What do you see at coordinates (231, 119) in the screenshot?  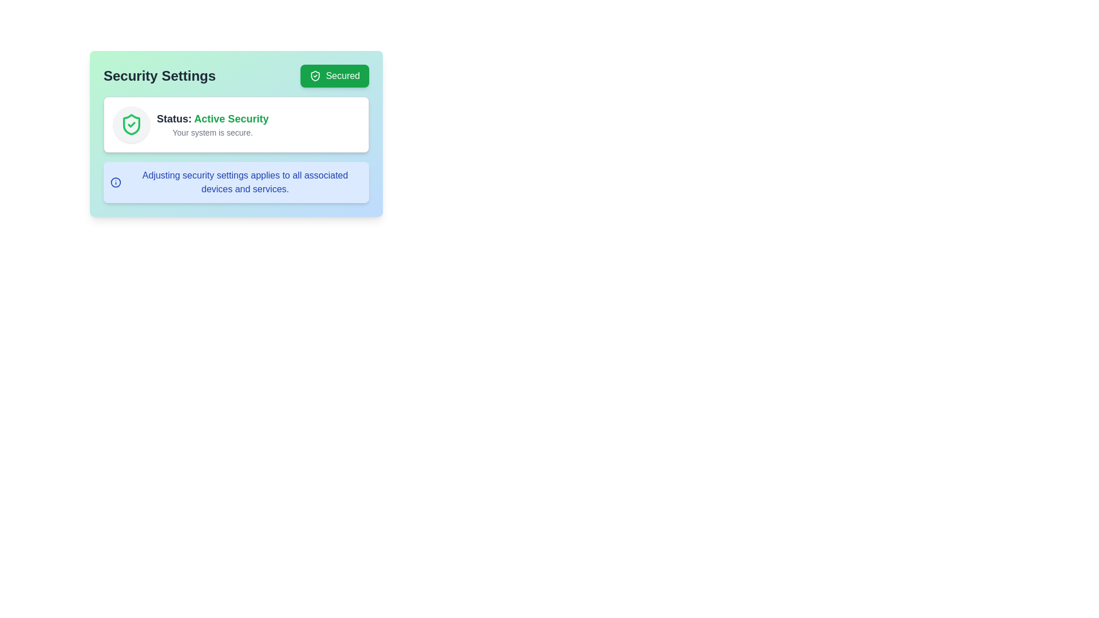 I see `the 'Active Security' text label, which indicates that the system is secure, to emphasize its importance` at bounding box center [231, 119].